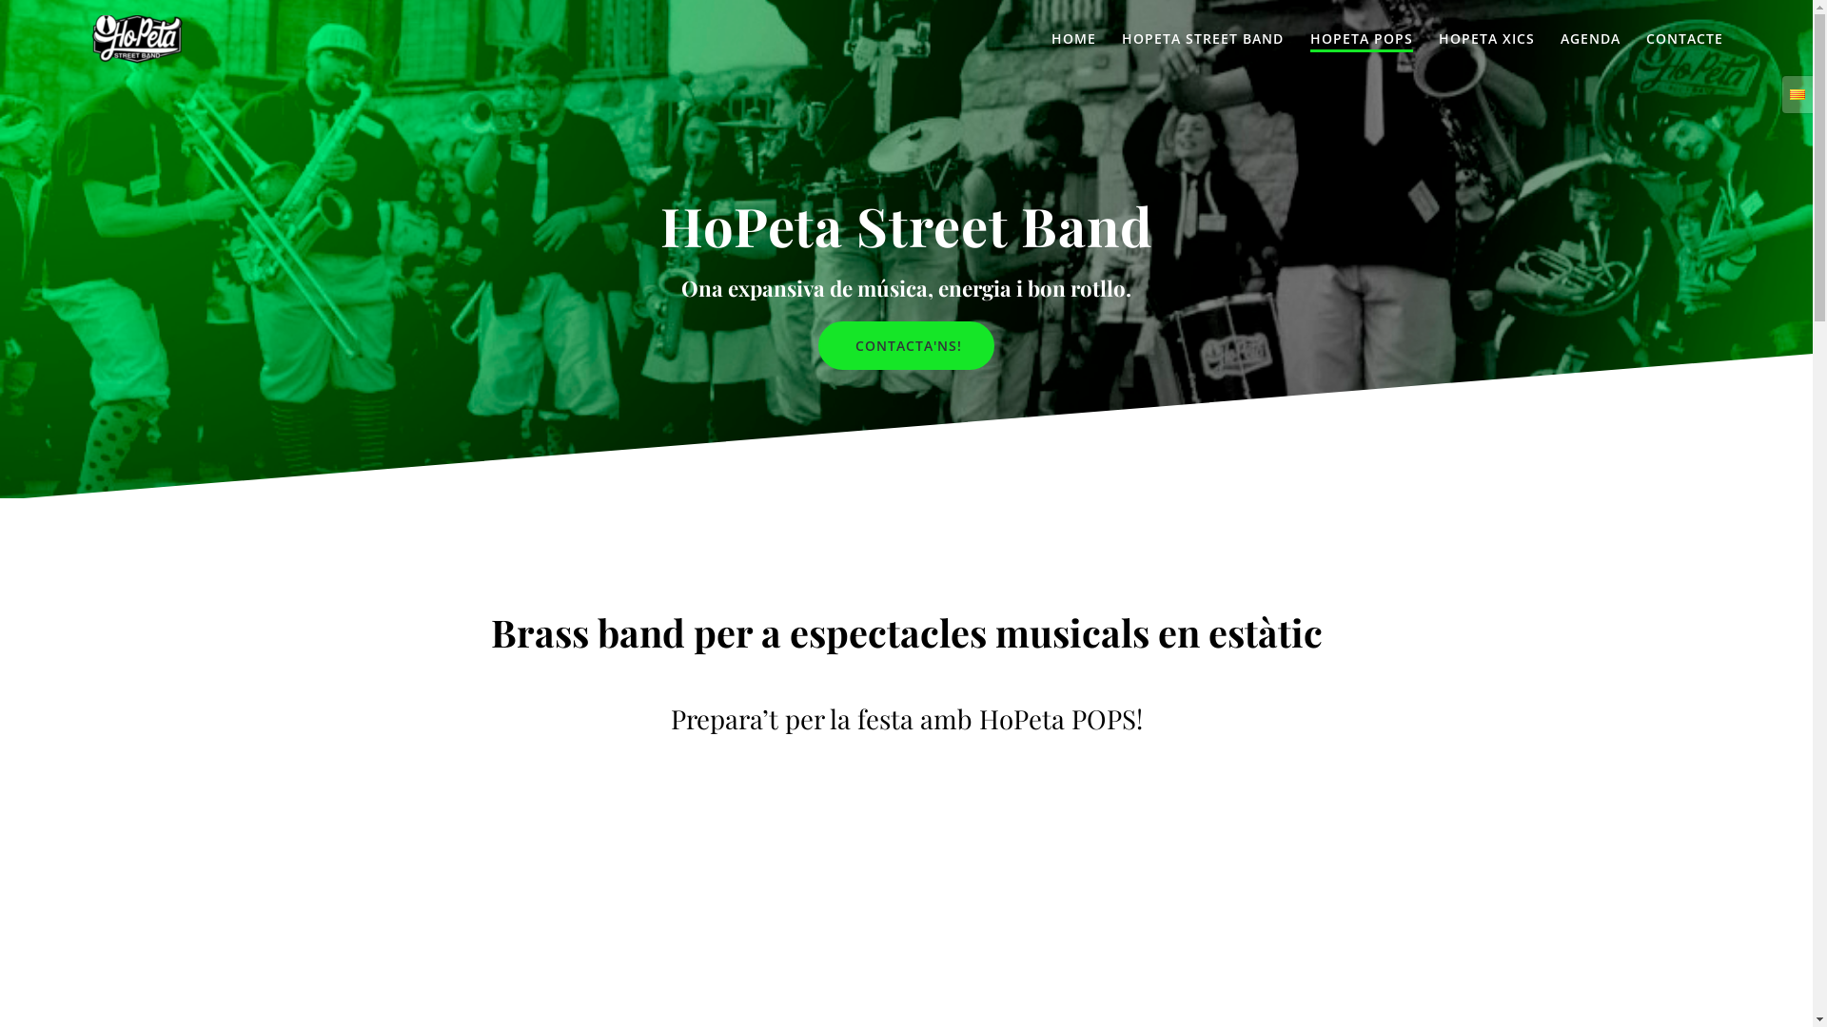 The height and width of the screenshot is (1027, 1827). Describe the element at coordinates (1201, 40) in the screenshot. I see `'HOPETA STREET BAND'` at that location.